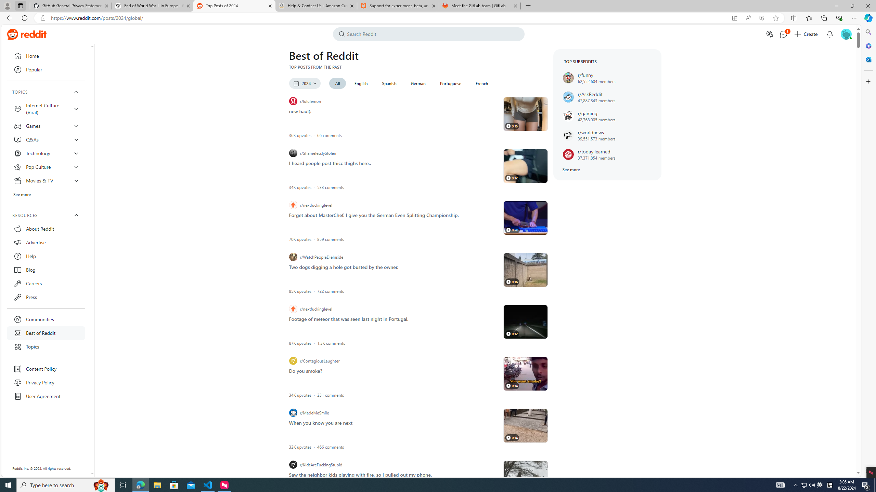 The image size is (876, 492). Describe the element at coordinates (293, 309) in the screenshot. I see `'r/nextfuckinglevel icon'` at that location.